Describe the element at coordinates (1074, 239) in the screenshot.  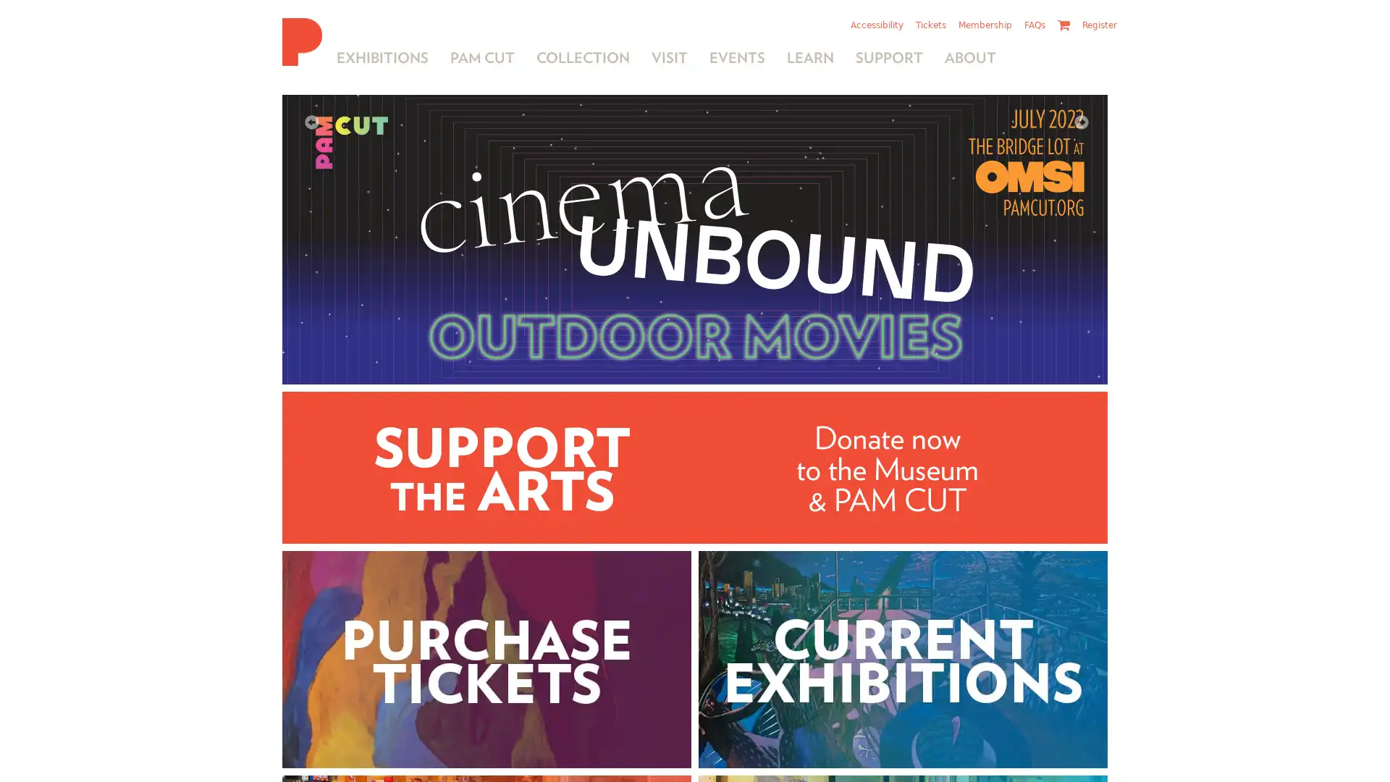
I see `Next` at that location.